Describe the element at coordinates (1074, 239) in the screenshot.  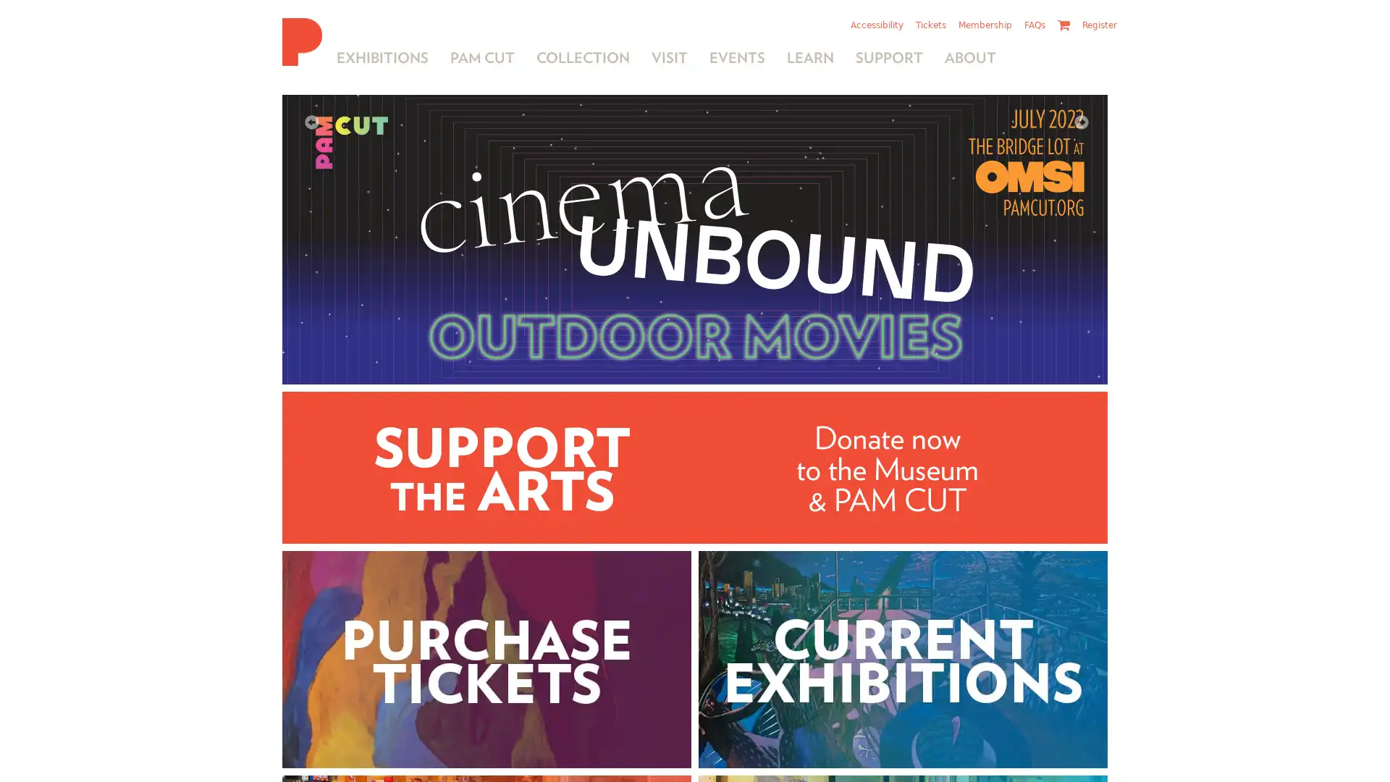
I see `Next` at that location.